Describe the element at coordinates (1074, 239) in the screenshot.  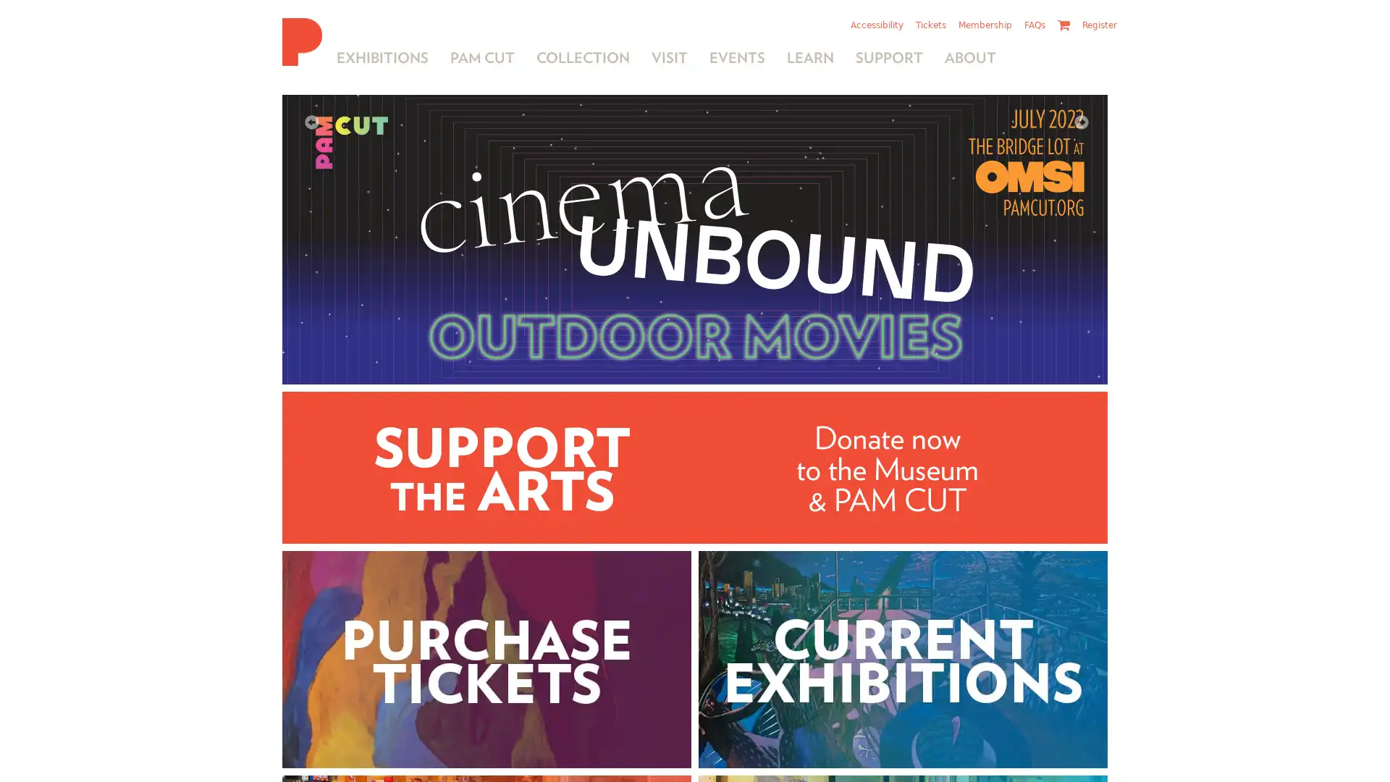
I see `Next` at that location.